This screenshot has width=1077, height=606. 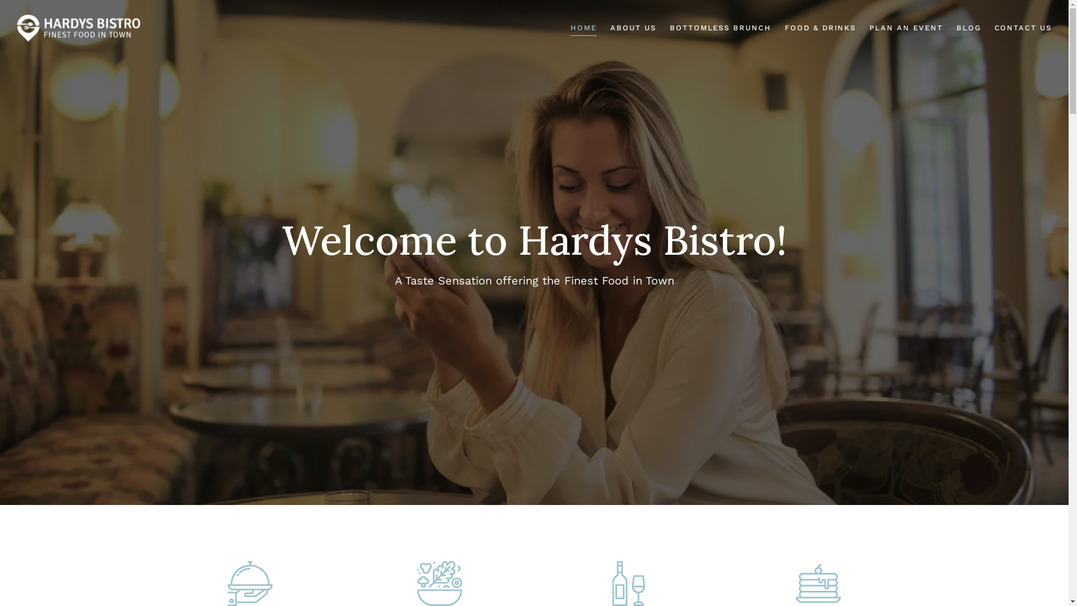 I want to click on 'CONTACT US', so click(x=1023, y=27).